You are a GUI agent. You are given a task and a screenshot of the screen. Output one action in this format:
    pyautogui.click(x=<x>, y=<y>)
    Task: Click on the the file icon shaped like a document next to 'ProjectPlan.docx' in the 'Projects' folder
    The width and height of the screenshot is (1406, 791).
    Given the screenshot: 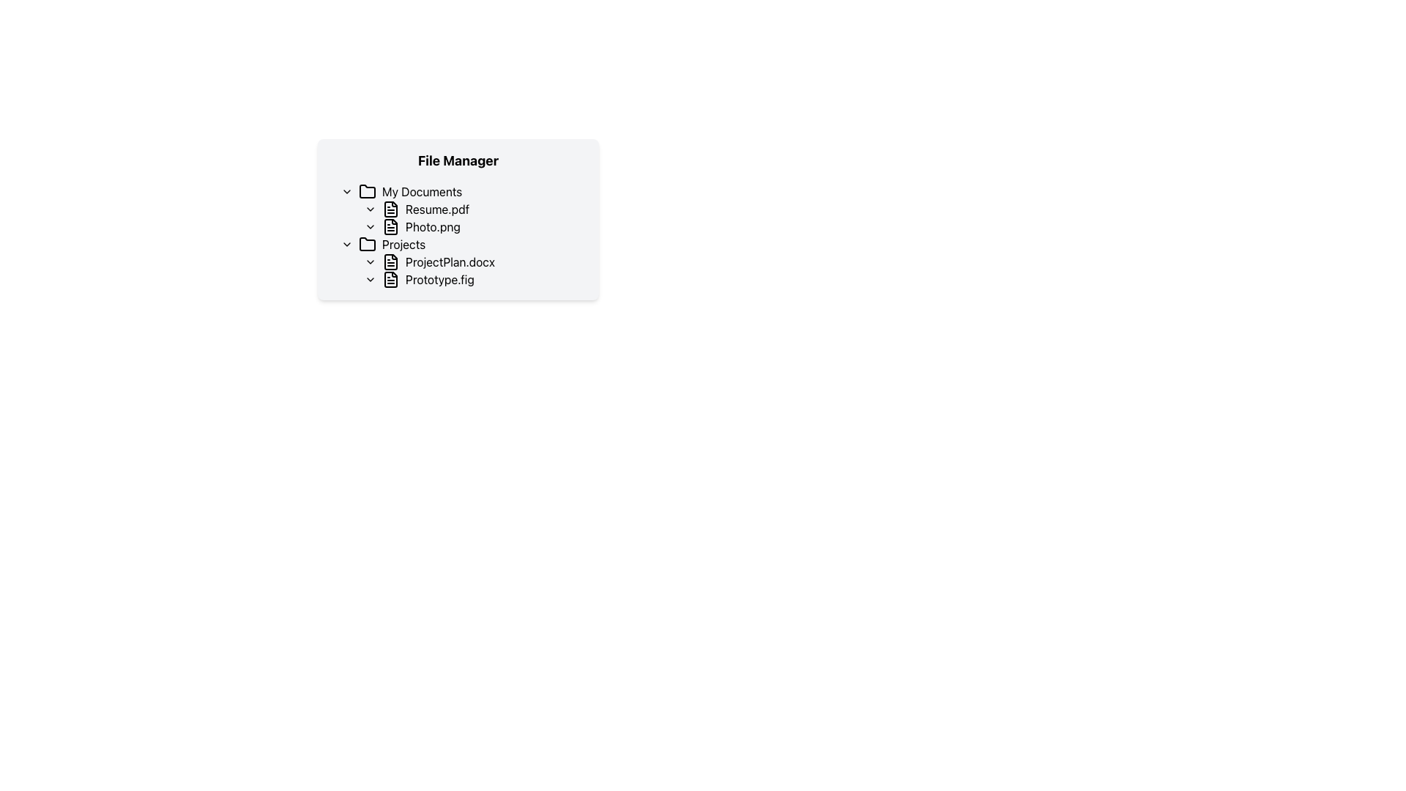 What is the action you would take?
    pyautogui.click(x=390, y=261)
    